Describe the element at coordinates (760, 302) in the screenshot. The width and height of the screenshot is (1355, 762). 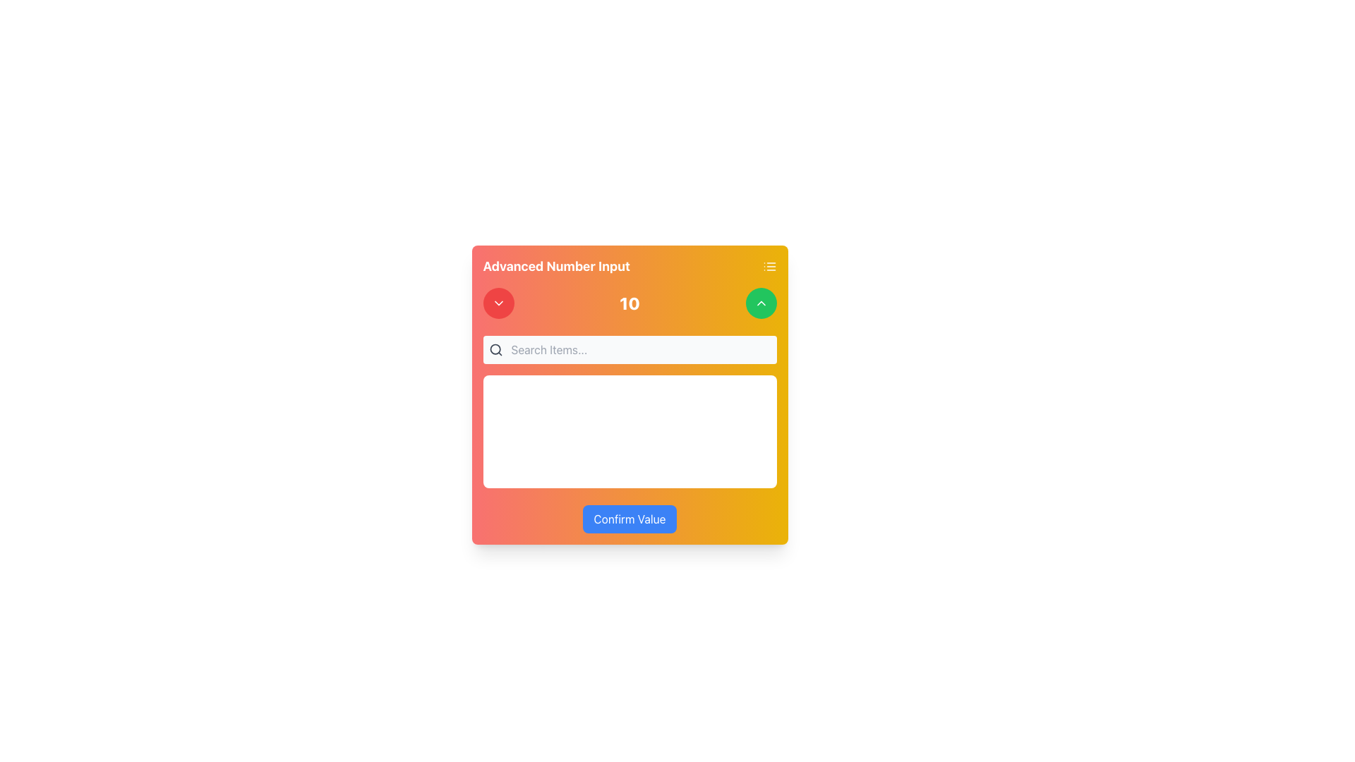
I see `the Chevron Up Icon, which is a green circular button located near the top-right corner of the interface` at that location.